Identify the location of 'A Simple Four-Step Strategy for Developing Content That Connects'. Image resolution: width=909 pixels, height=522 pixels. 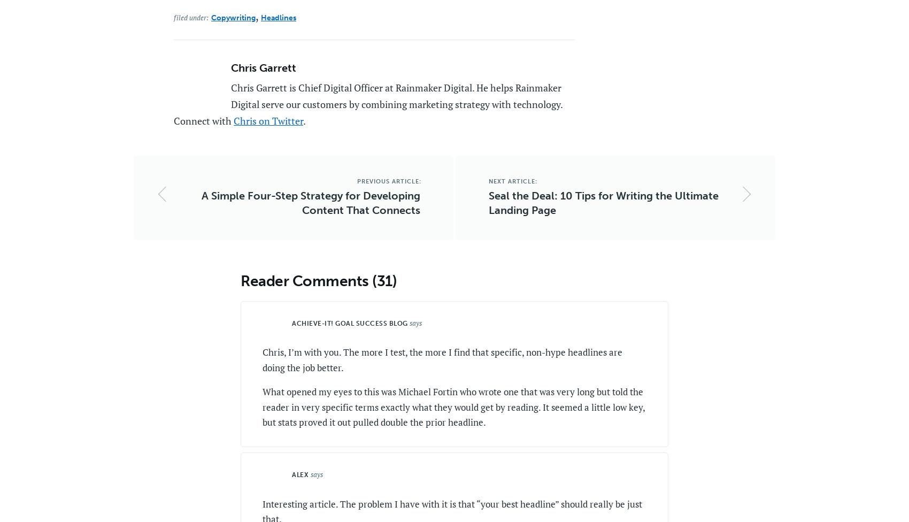
(201, 202).